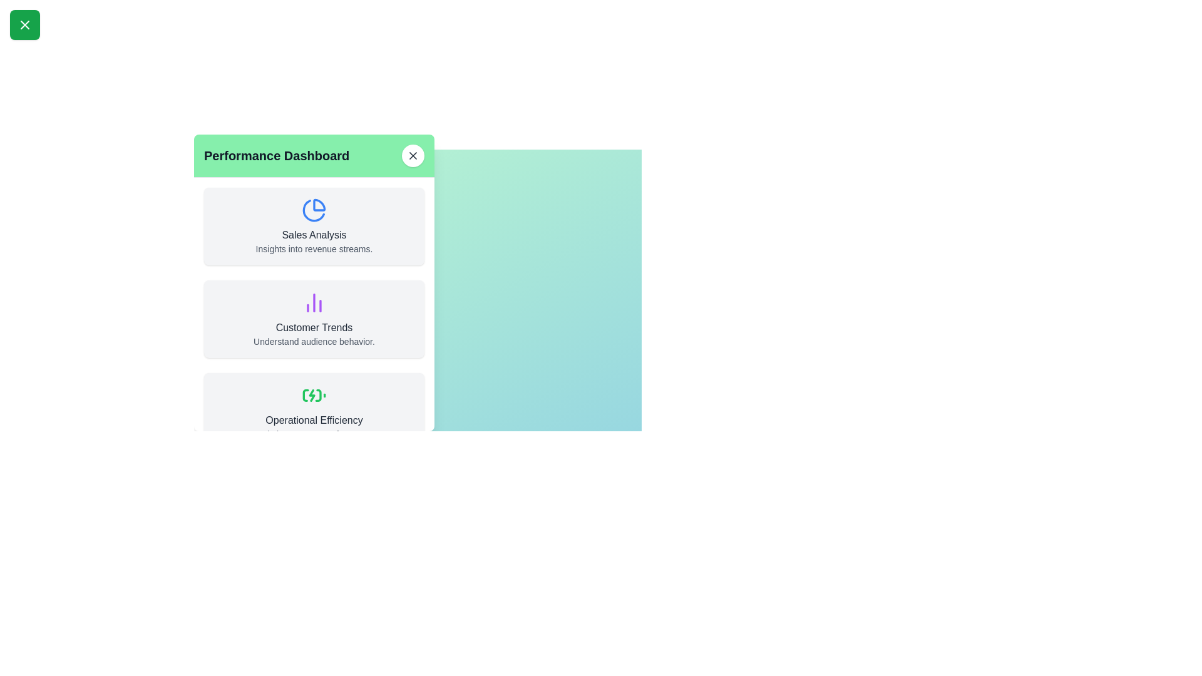 The width and height of the screenshot is (1202, 676). I want to click on the Informational Card that provides operational efficiency metrics, located at the bottom of the list of three similar cards, centered horizontally, so click(314, 412).